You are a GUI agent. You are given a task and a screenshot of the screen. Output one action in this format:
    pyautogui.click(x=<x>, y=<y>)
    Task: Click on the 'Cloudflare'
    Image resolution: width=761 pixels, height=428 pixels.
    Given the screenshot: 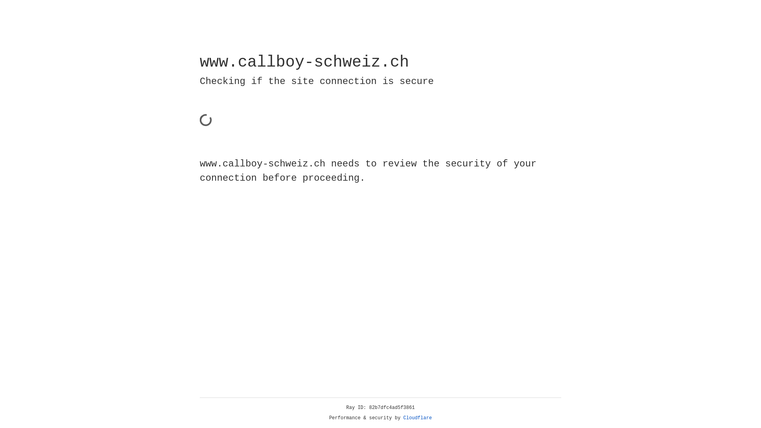 What is the action you would take?
    pyautogui.click(x=417, y=418)
    